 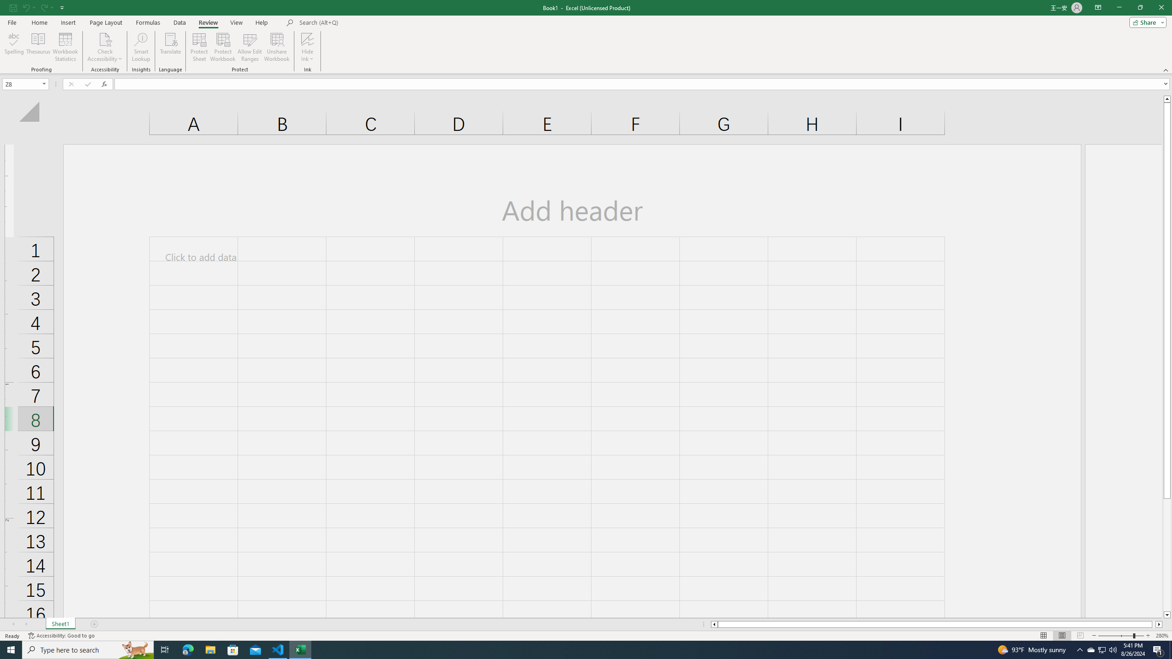 What do you see at coordinates (67, 22) in the screenshot?
I see `'Insert'` at bounding box center [67, 22].